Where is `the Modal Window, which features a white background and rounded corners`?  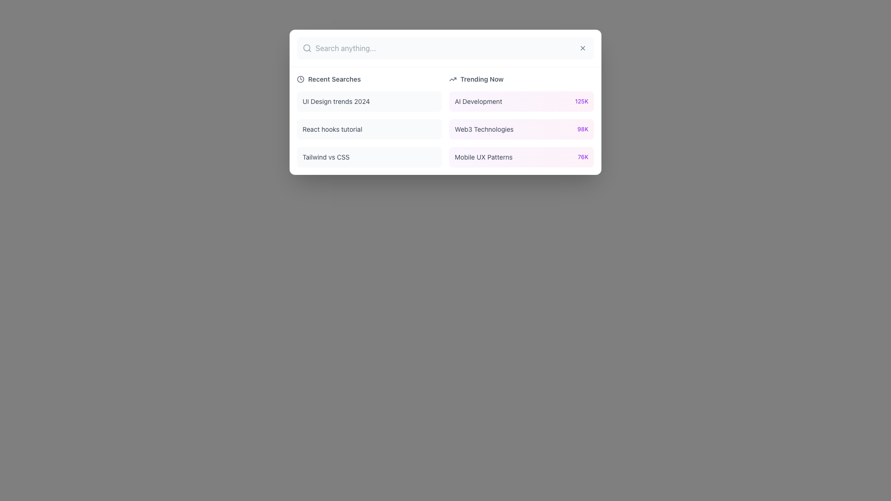 the Modal Window, which features a white background and rounded corners is located at coordinates (445, 102).